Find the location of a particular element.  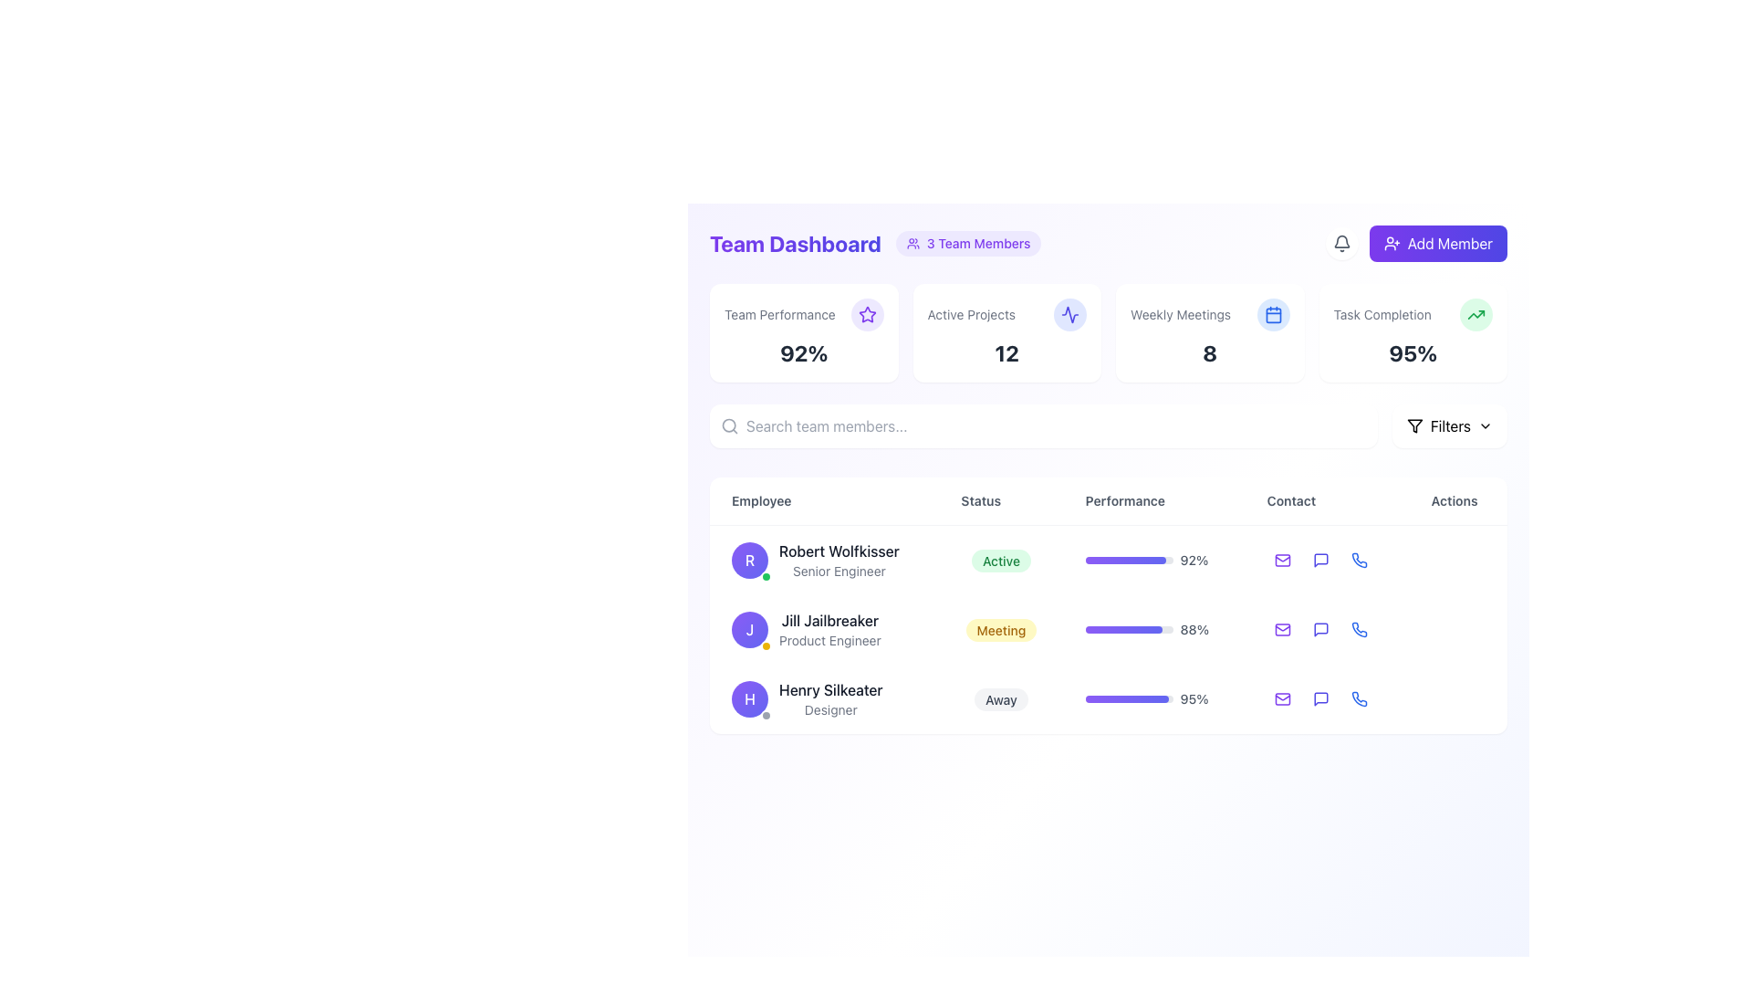

the violet-colored mail icon in the 'Contact' column of the second row corresponding to 'Jill Jailbreaker' is located at coordinates (1281, 629).